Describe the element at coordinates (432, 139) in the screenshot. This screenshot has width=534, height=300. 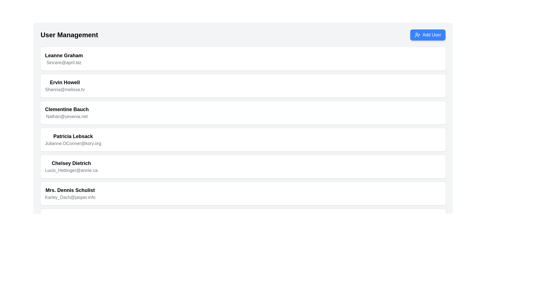
I see `the Status Badge indicating the current status of the user 'Active', located at the far-right end of the entry labeled 'Patricia Lebsack' in the User Management section` at that location.